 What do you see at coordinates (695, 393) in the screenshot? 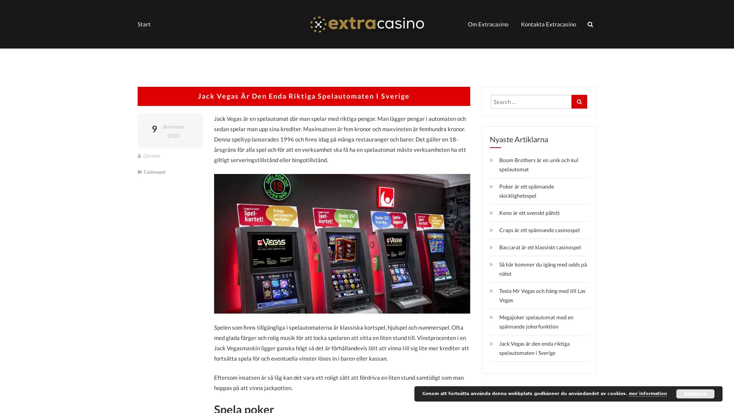
I see `Godkann` at bounding box center [695, 393].